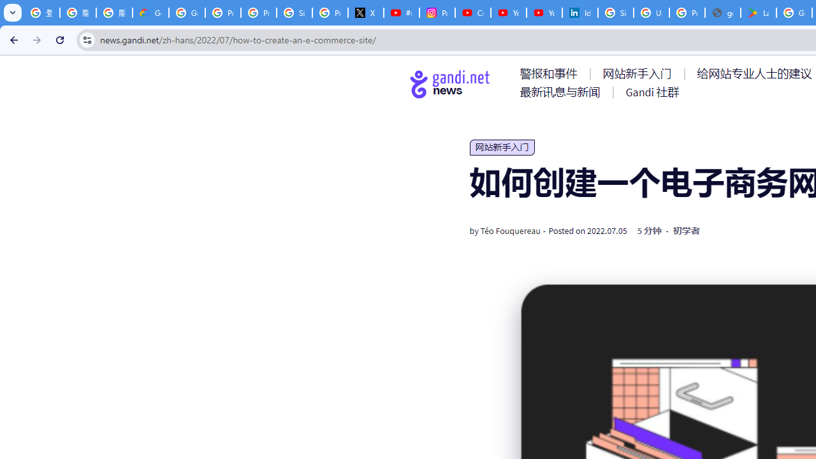 This screenshot has width=816, height=459. Describe the element at coordinates (579, 13) in the screenshot. I see `'Identity verification via Persona | LinkedIn Help'` at that location.